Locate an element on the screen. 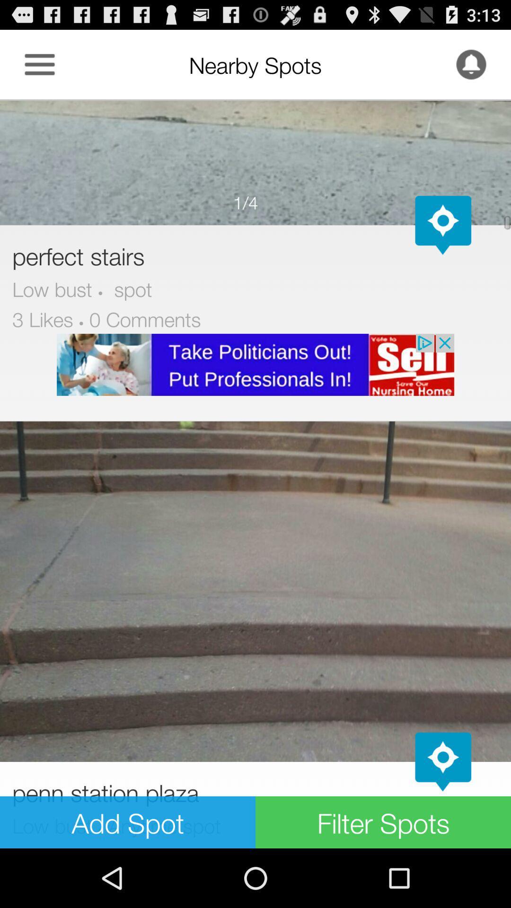 The width and height of the screenshot is (511, 908). menu options is located at coordinates (39, 64).